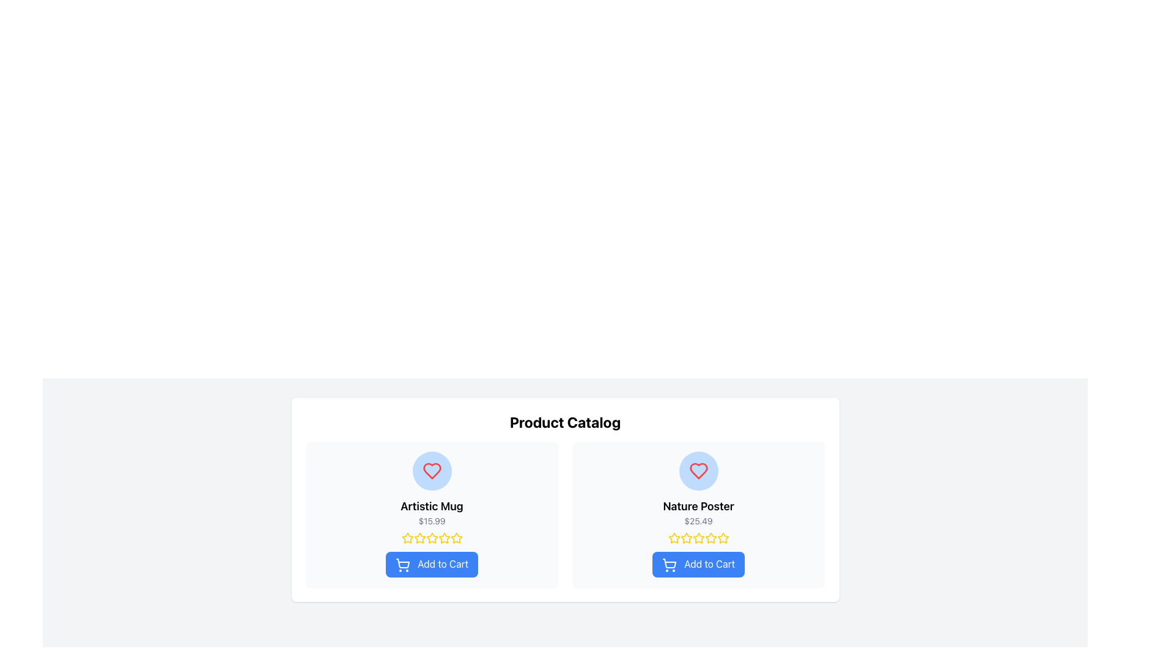  What do you see at coordinates (432, 521) in the screenshot?
I see `the price display label for the product 'Artistic Mug', which is located at the center of the product block in the catalog section` at bounding box center [432, 521].